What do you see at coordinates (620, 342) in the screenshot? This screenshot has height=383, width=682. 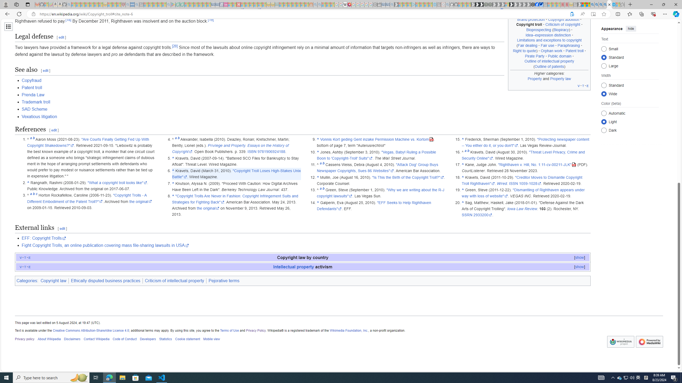 I see `'AutomationID: footer-copyrightico'` at bounding box center [620, 342].